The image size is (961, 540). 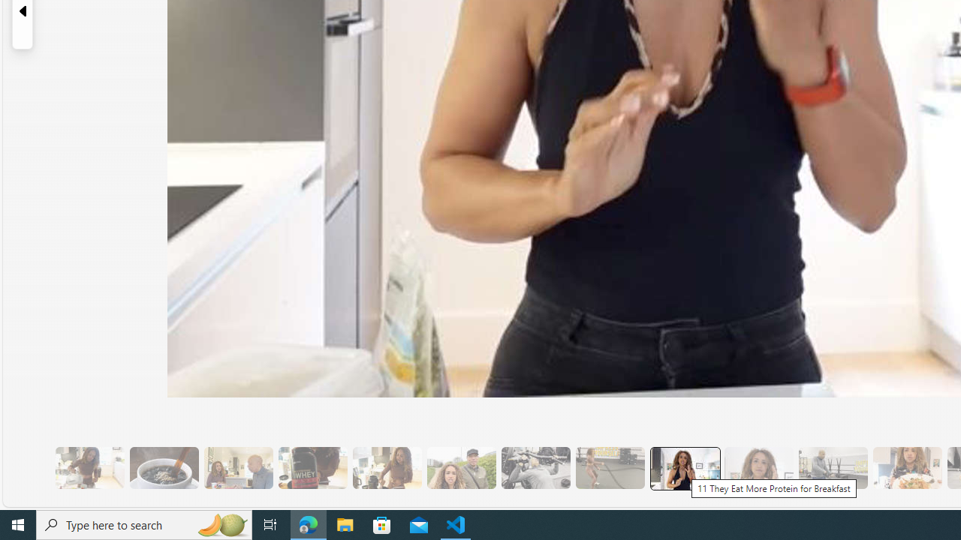 I want to click on '9 They Do Bench Exercises', so click(x=535, y=467).